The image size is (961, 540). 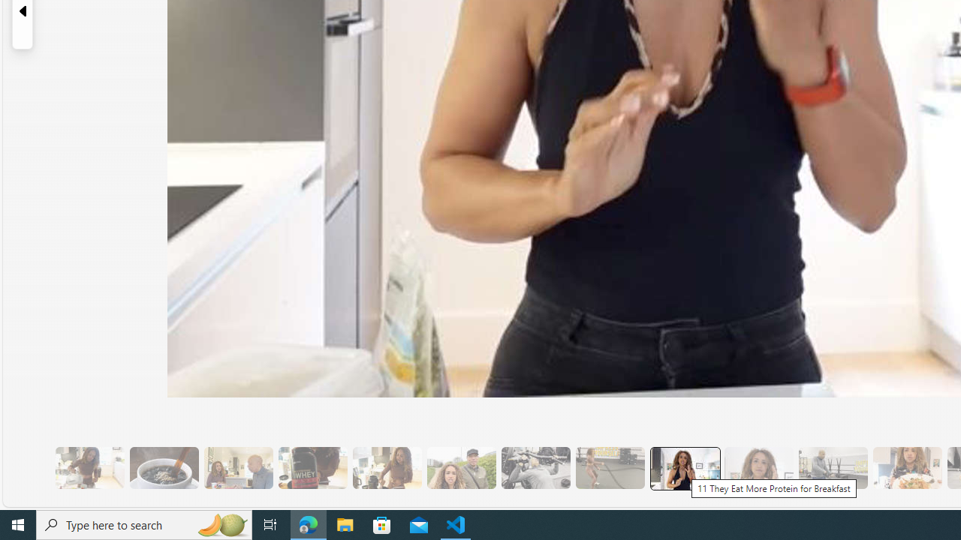 I want to click on '9 They Do Bench Exercises', so click(x=535, y=467).